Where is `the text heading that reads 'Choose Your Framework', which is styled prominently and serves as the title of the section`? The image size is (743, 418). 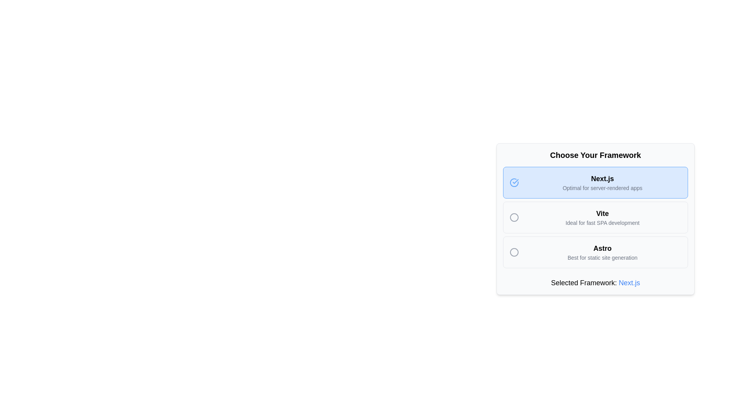 the text heading that reads 'Choose Your Framework', which is styled prominently and serves as the title of the section is located at coordinates (595, 155).